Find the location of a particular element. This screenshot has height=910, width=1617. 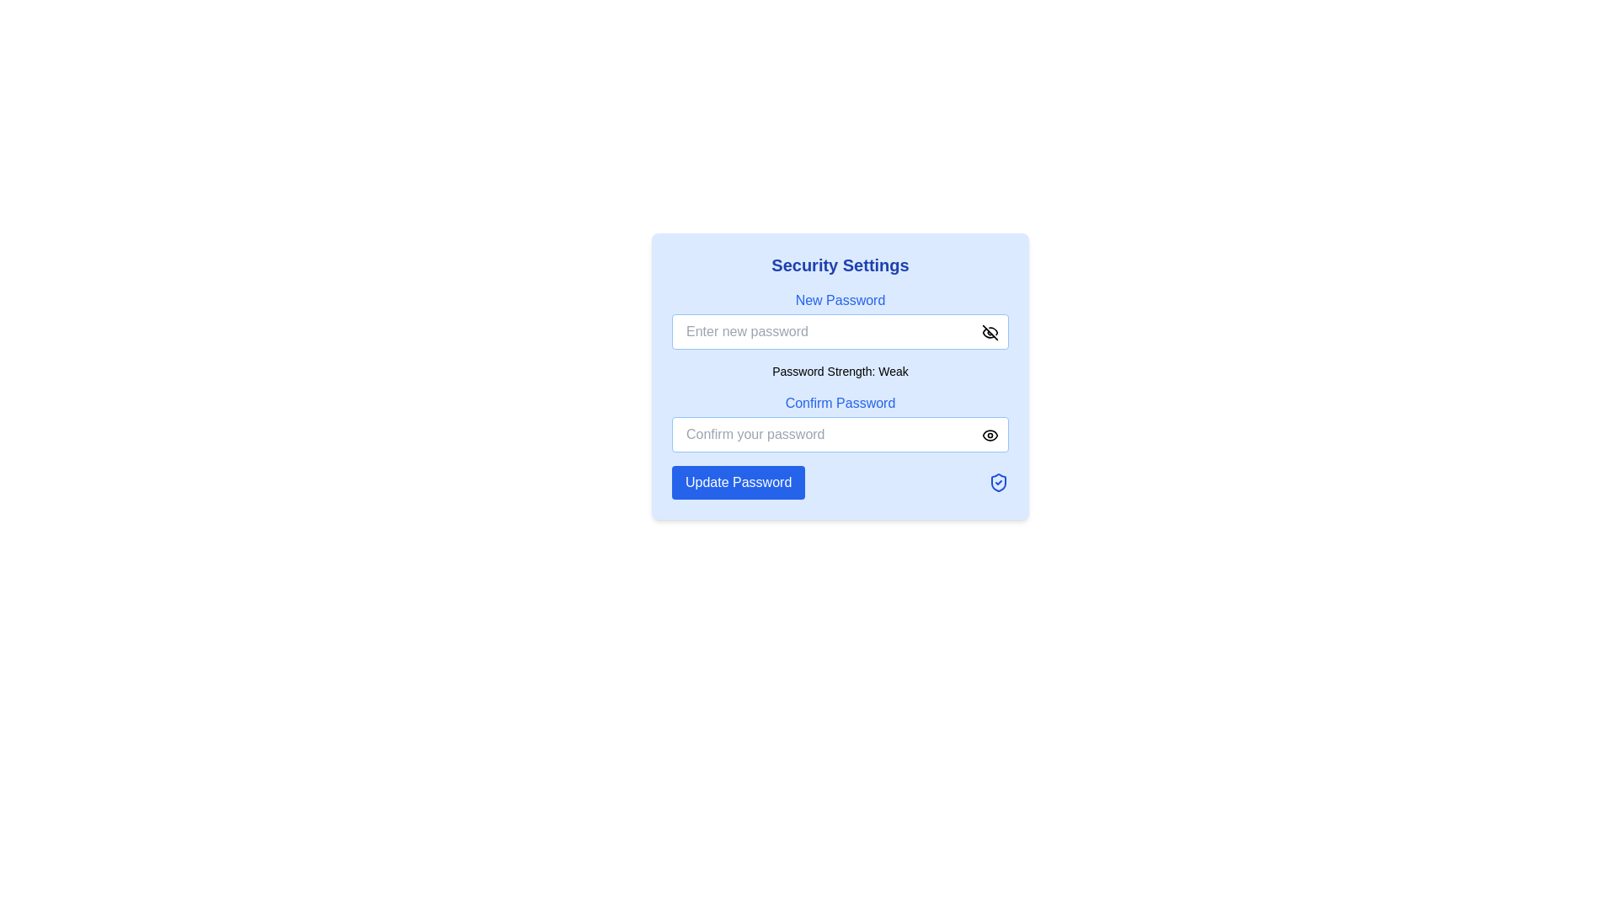

the 'New Password' label element, which is styled in medium blue font on a light blue background, located under 'Security Settings' is located at coordinates (841, 300).